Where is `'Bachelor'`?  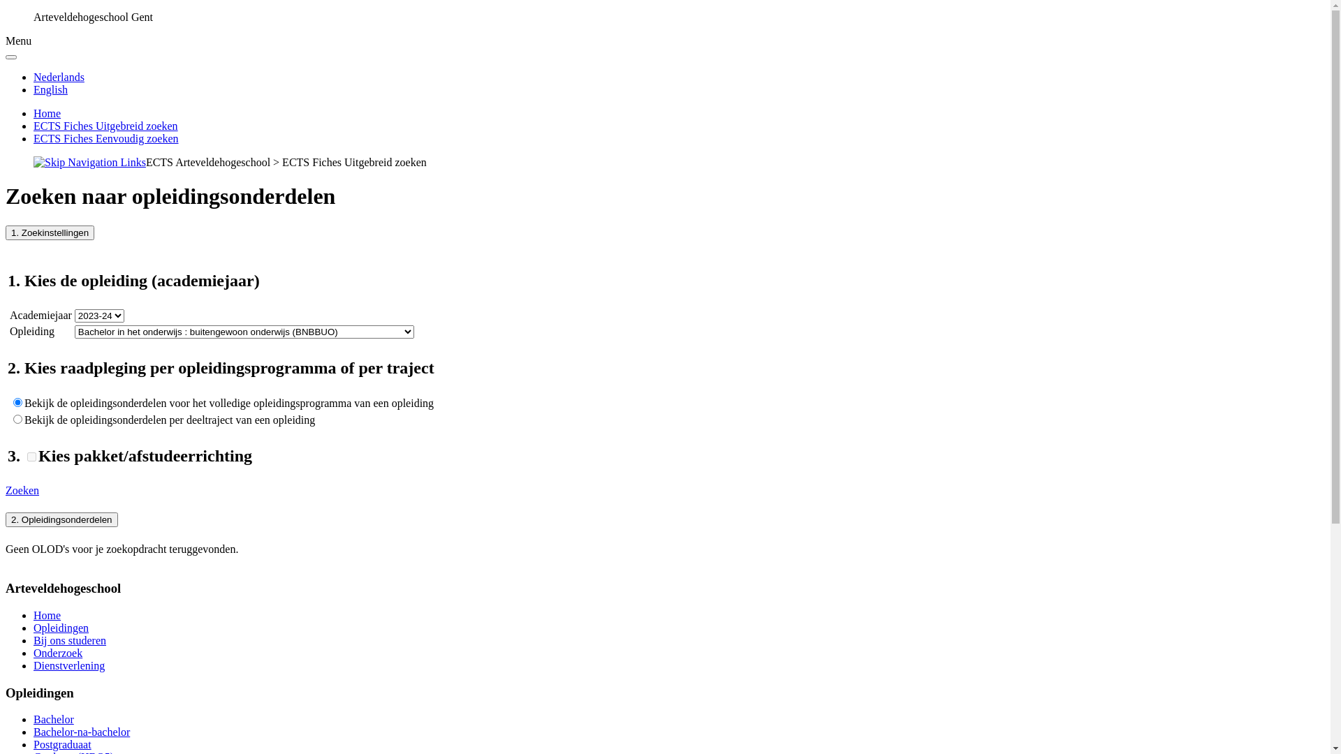 'Bachelor' is located at coordinates (34, 719).